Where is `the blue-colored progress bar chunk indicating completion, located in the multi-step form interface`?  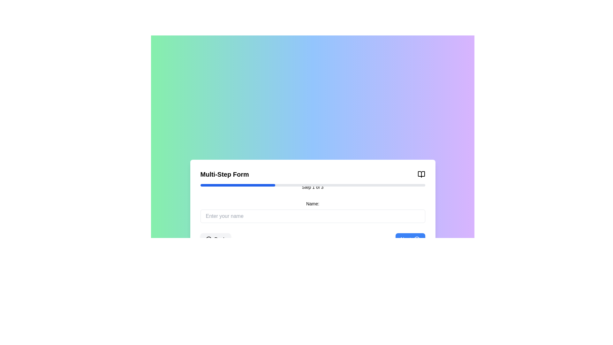 the blue-colored progress bar chunk indicating completion, located in the multi-step form interface is located at coordinates (237, 185).